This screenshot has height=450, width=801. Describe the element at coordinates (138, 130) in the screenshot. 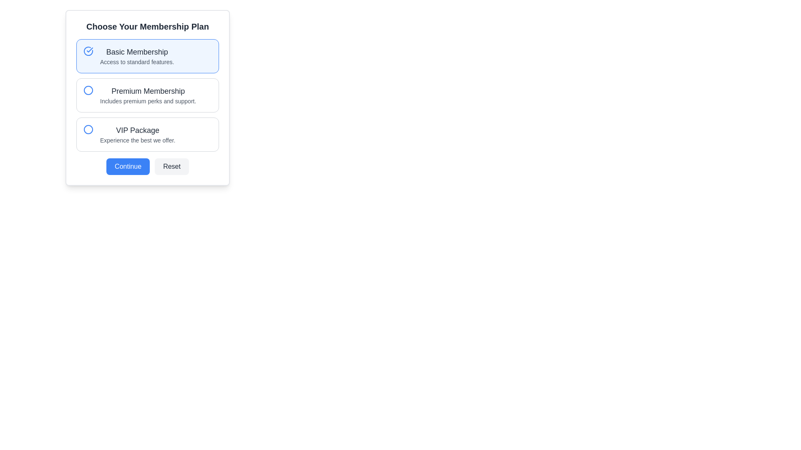

I see `the 'VIP Package' membership plan title label located above the text 'Experience the best we offer.' in the 'Choose Your Membership Plan' section` at that location.